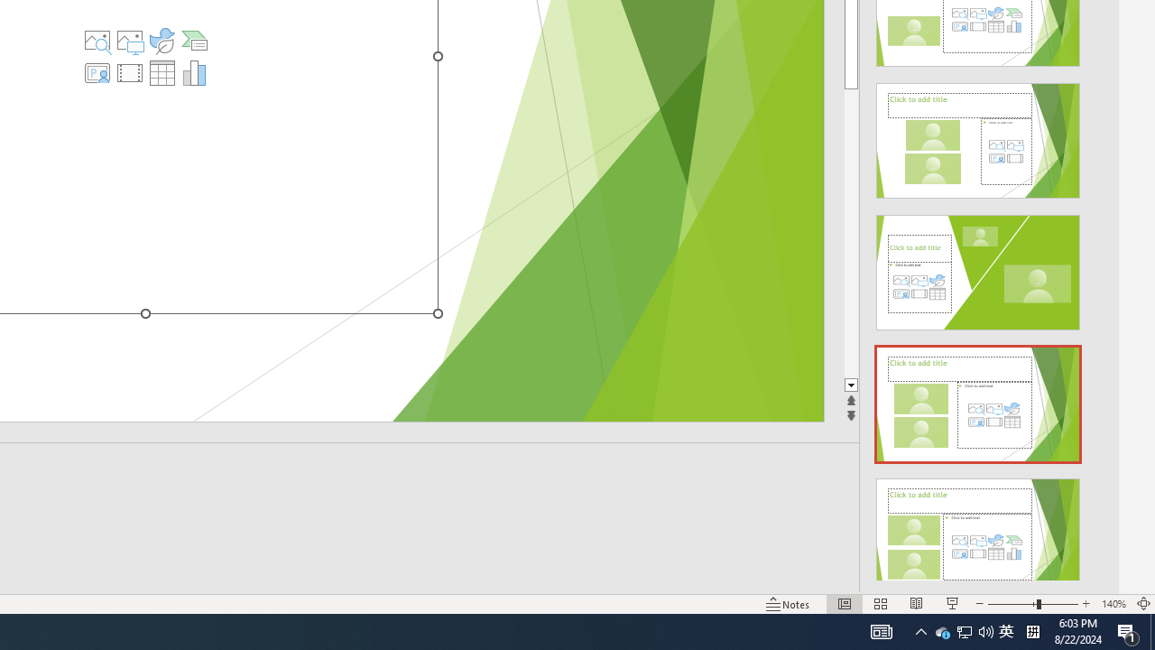 The image size is (1155, 650). Describe the element at coordinates (194, 72) in the screenshot. I see `'Insert Chart'` at that location.